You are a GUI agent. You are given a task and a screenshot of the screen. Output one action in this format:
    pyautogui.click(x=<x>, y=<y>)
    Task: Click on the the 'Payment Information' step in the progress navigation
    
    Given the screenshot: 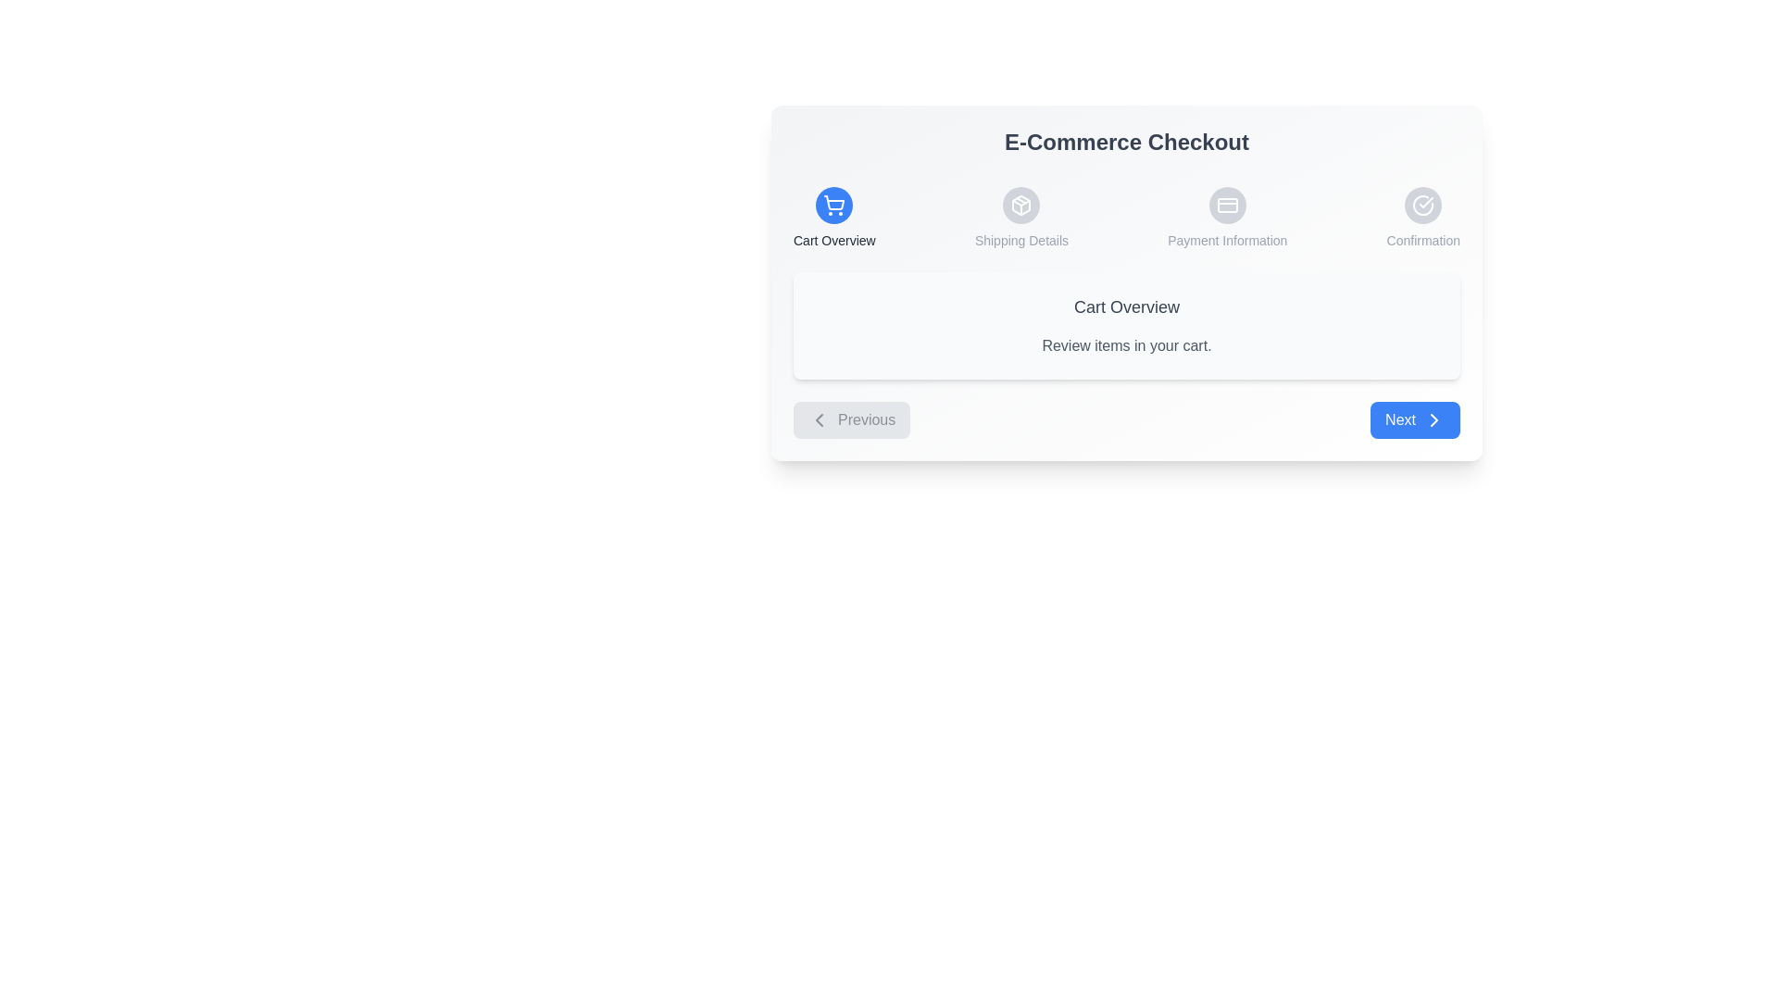 What is the action you would take?
    pyautogui.click(x=1227, y=217)
    